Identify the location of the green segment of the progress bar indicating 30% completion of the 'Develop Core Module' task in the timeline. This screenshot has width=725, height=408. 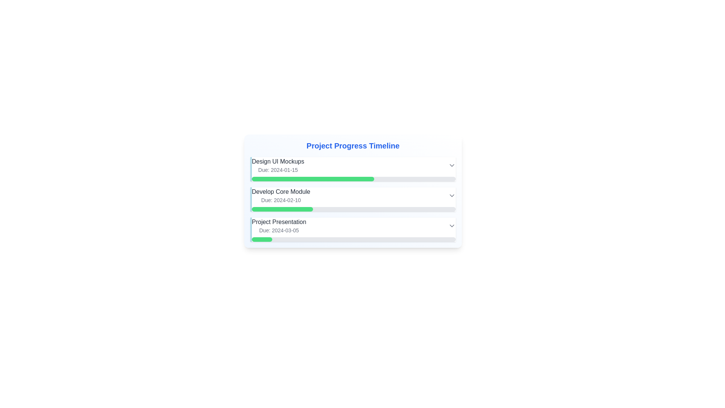
(282, 209).